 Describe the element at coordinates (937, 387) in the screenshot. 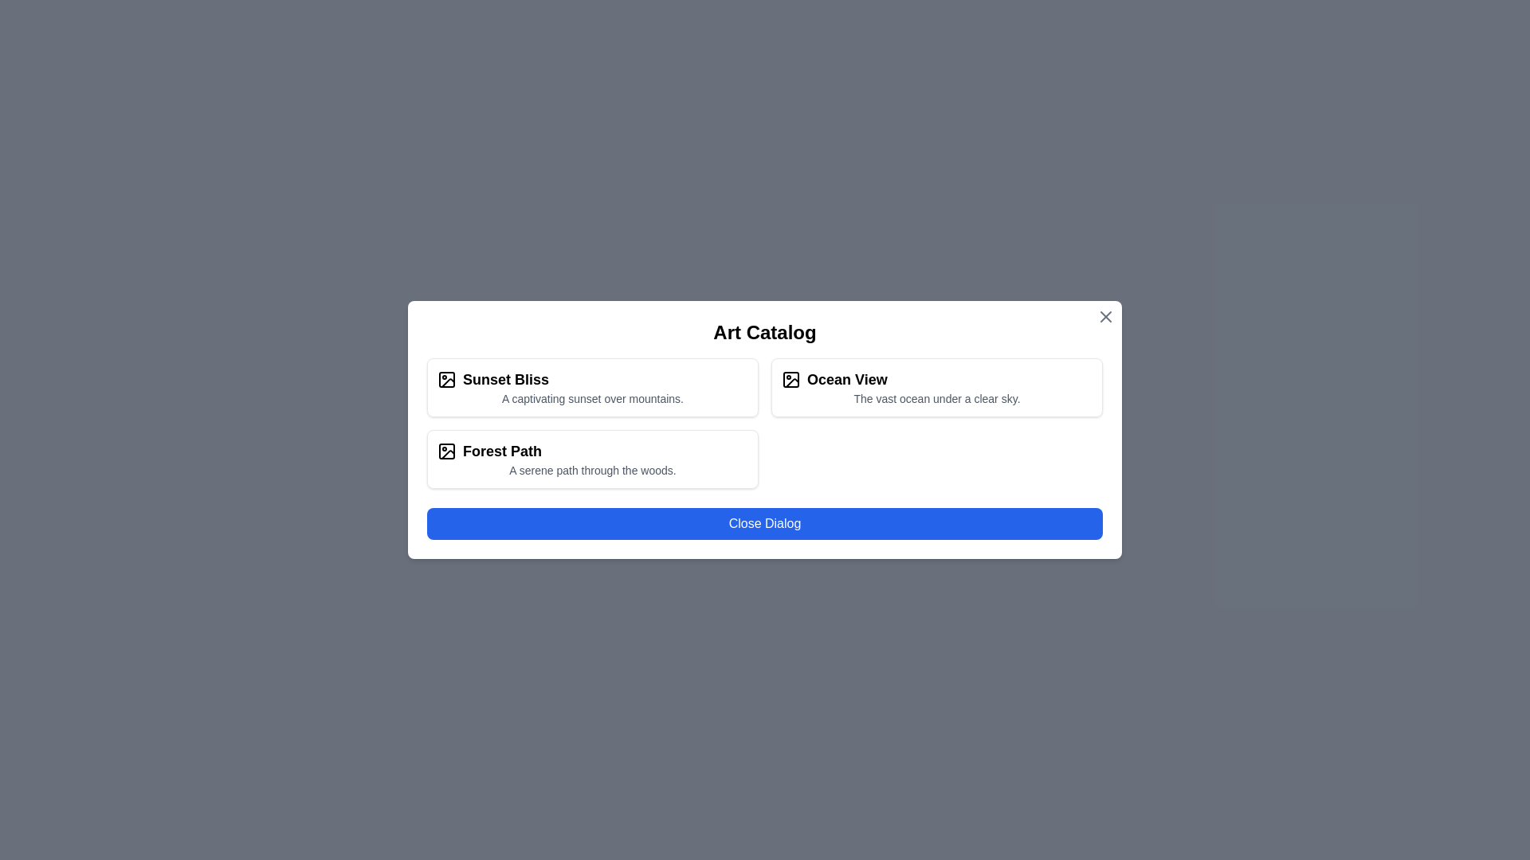

I see `the artwork card labeled Ocean View` at that location.